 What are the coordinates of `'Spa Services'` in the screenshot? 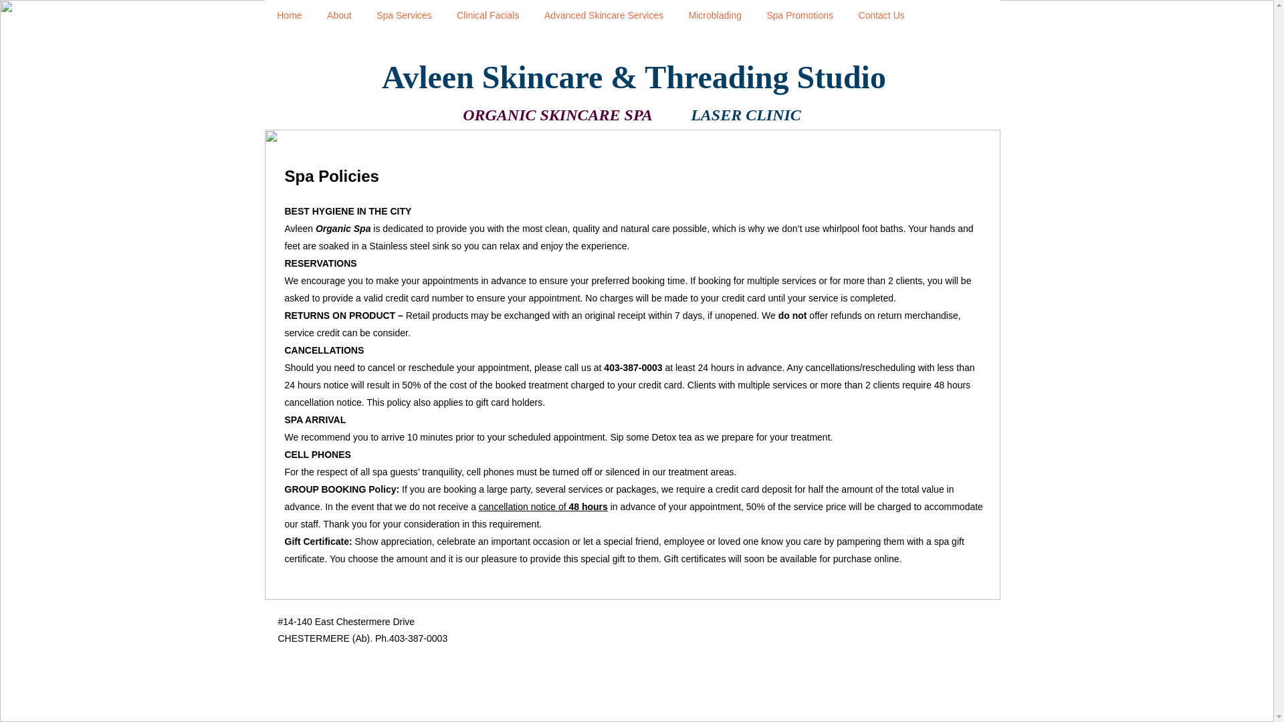 It's located at (403, 15).